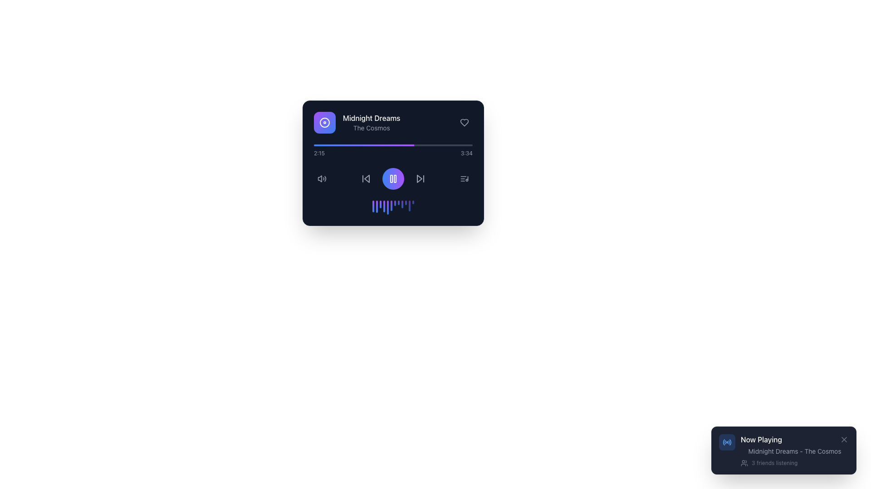  I want to click on progress, so click(453, 144).